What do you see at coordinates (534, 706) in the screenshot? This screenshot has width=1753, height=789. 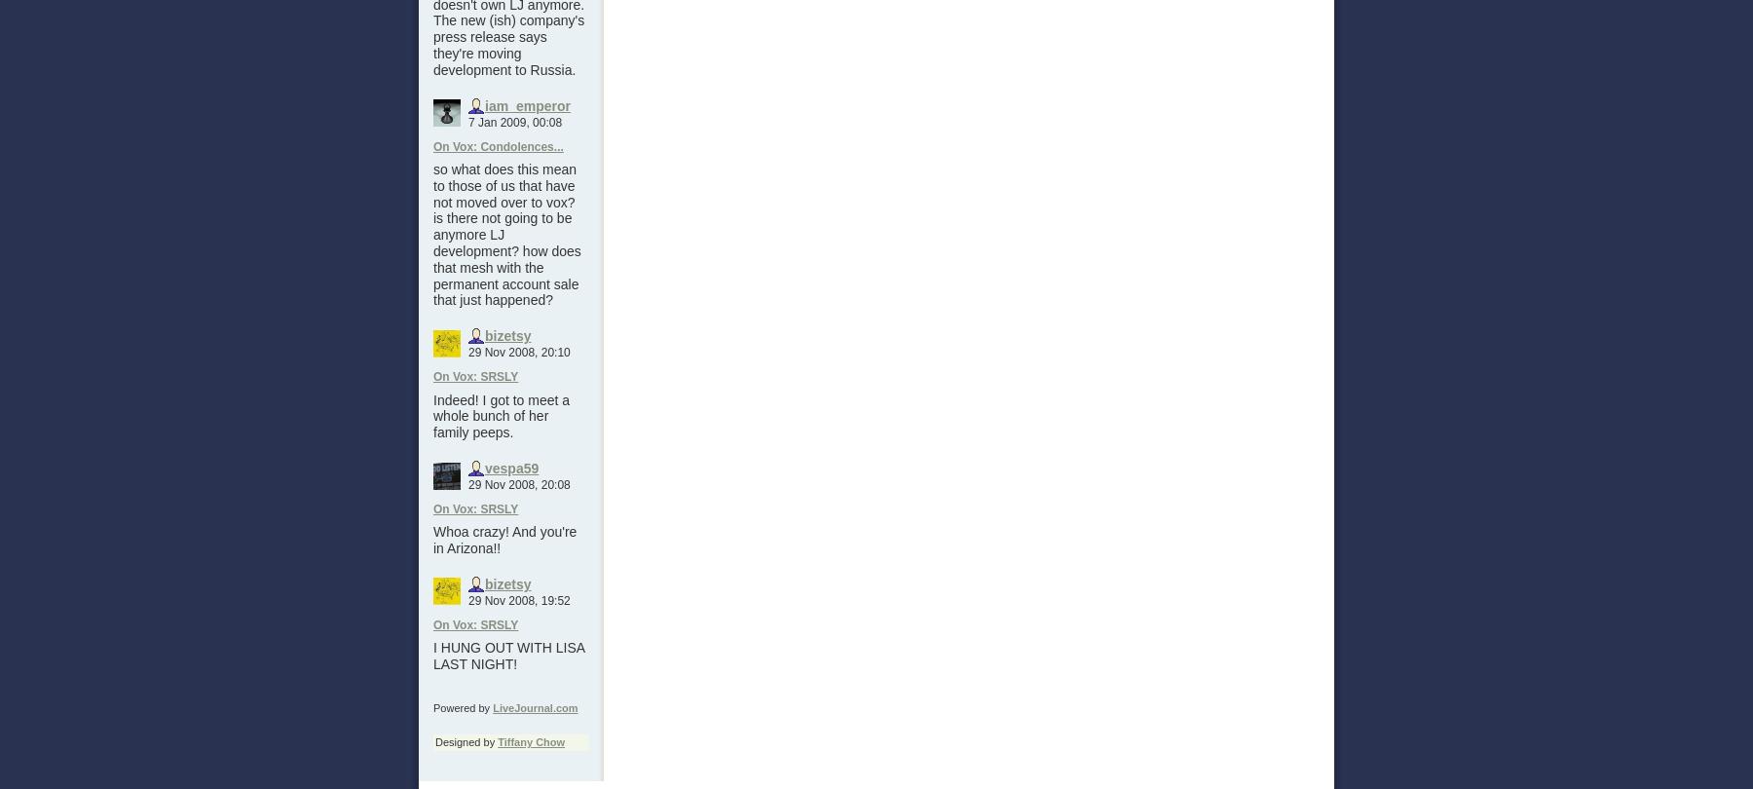 I see `'LiveJournal.com'` at bounding box center [534, 706].